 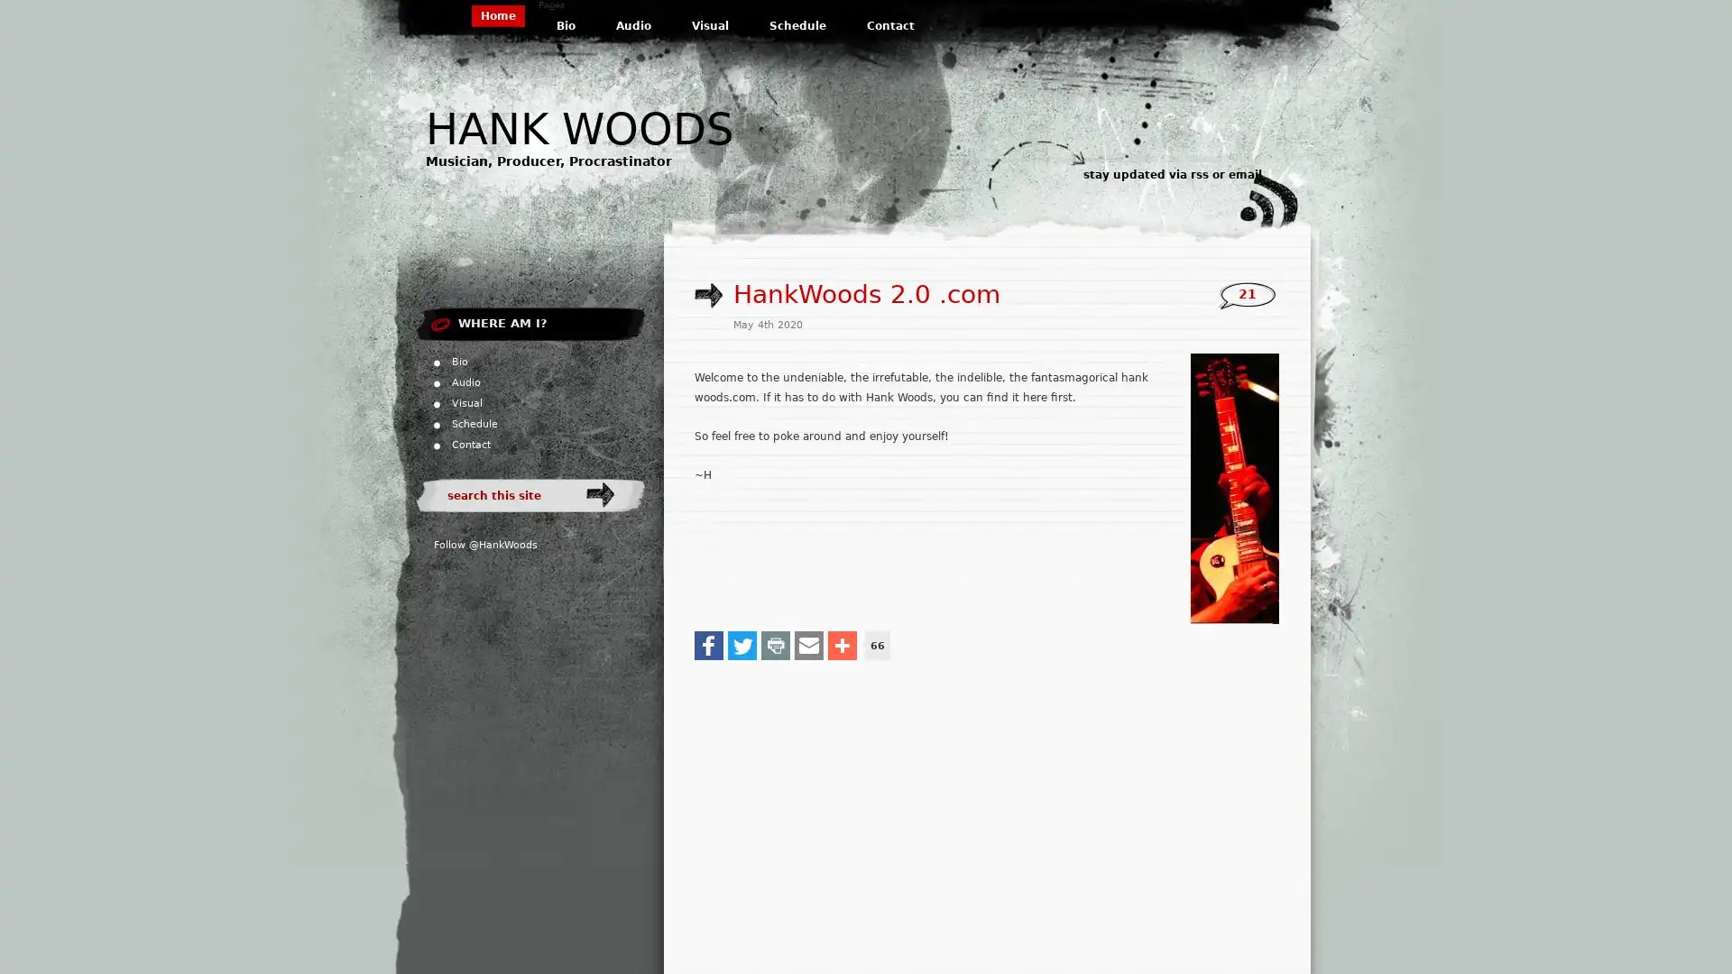 What do you see at coordinates (708, 643) in the screenshot?
I see `Share to Facebook` at bounding box center [708, 643].